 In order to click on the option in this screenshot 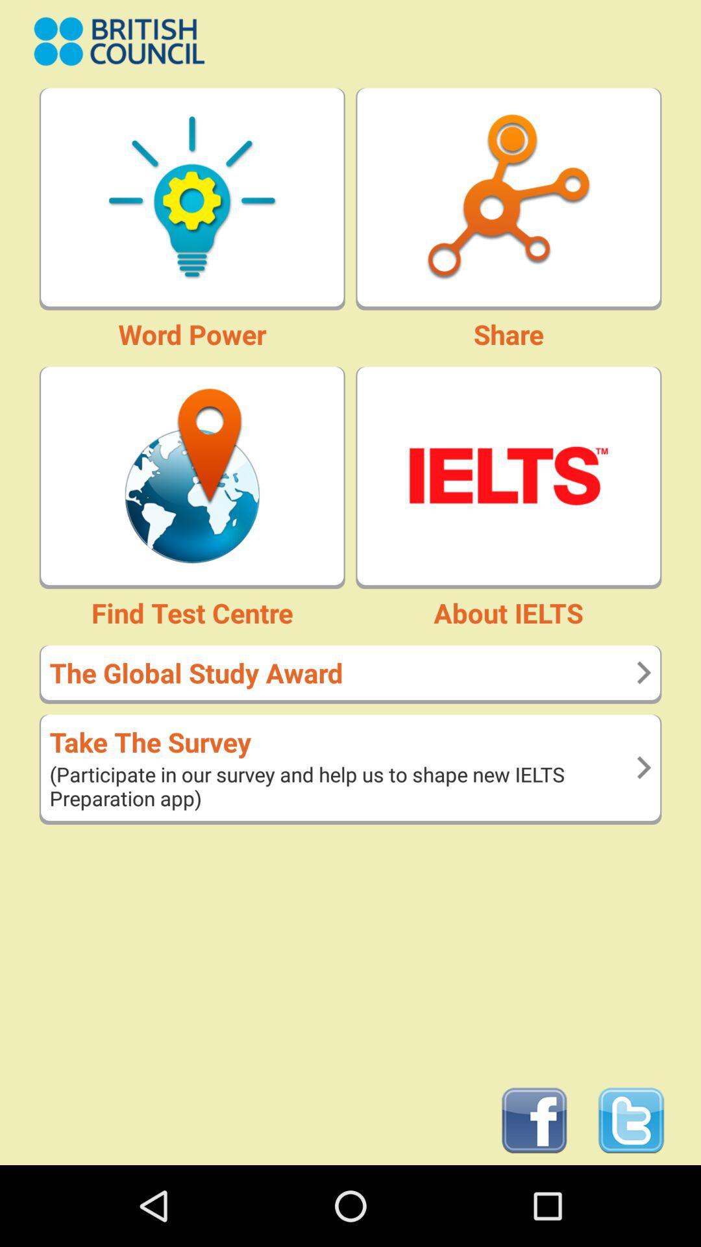, I will do `click(508, 475)`.